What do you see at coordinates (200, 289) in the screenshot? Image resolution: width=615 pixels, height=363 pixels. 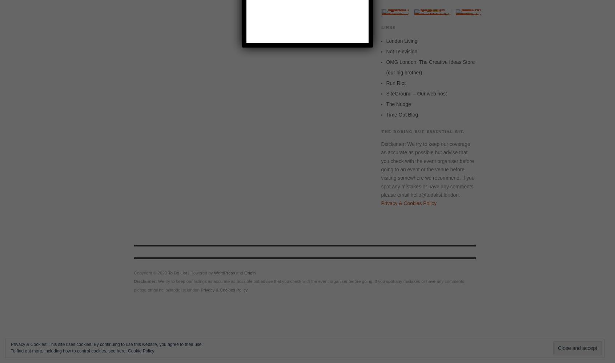 I see `'Privacy & Cookies Policy'` at bounding box center [200, 289].